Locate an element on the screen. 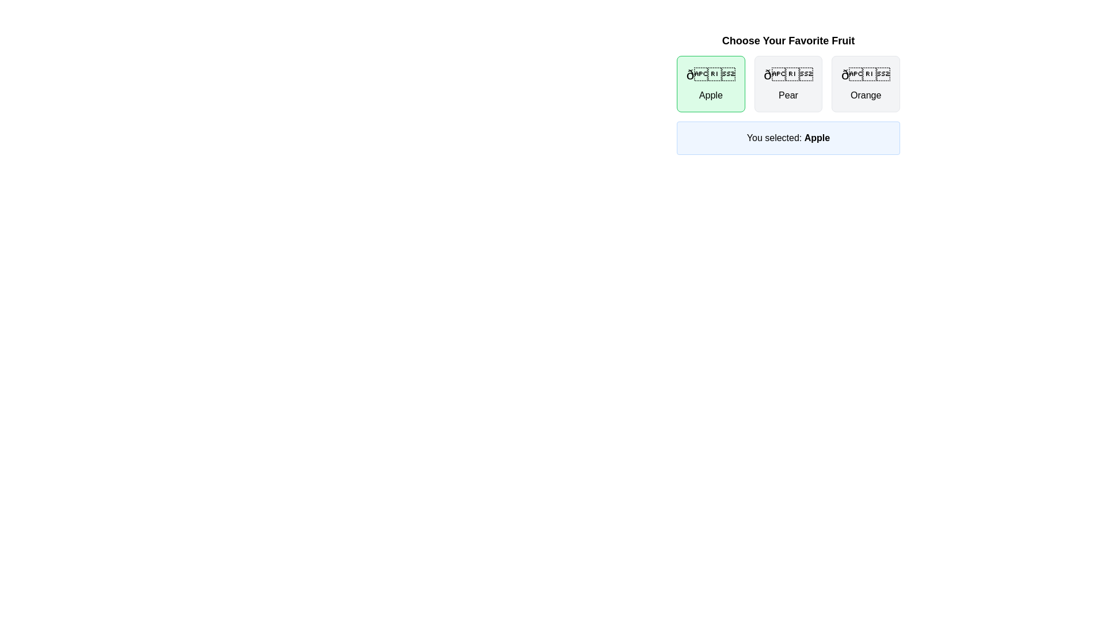  the static text label that identifies the fruit 'Orange', located beneath the emoji representation within the third card in the horizontal sequence is located at coordinates (866, 94).